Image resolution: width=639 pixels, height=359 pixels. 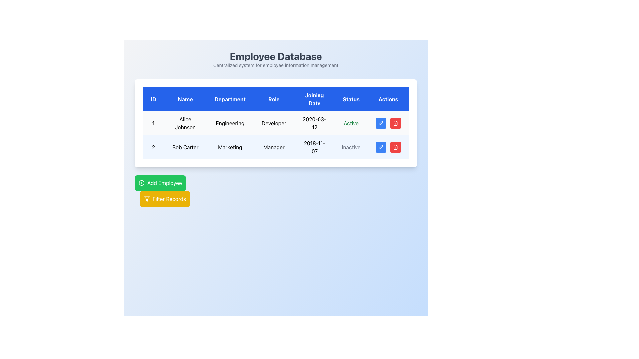 What do you see at coordinates (169, 198) in the screenshot?
I see `the Text Label that serves as a label for the button filtering records, located below the green 'Add Employee' button` at bounding box center [169, 198].